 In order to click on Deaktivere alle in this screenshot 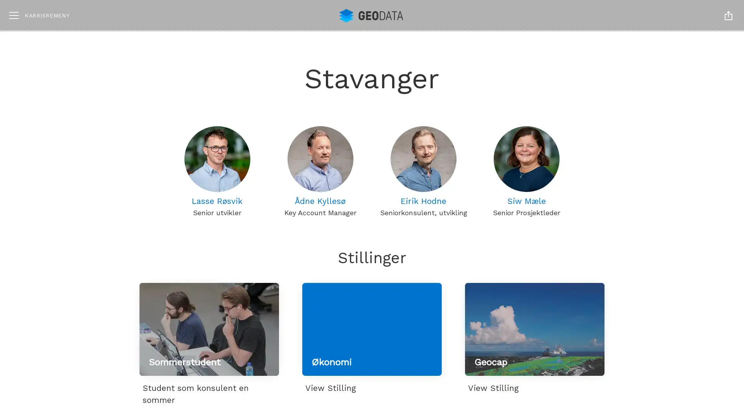, I will do `click(655, 354)`.